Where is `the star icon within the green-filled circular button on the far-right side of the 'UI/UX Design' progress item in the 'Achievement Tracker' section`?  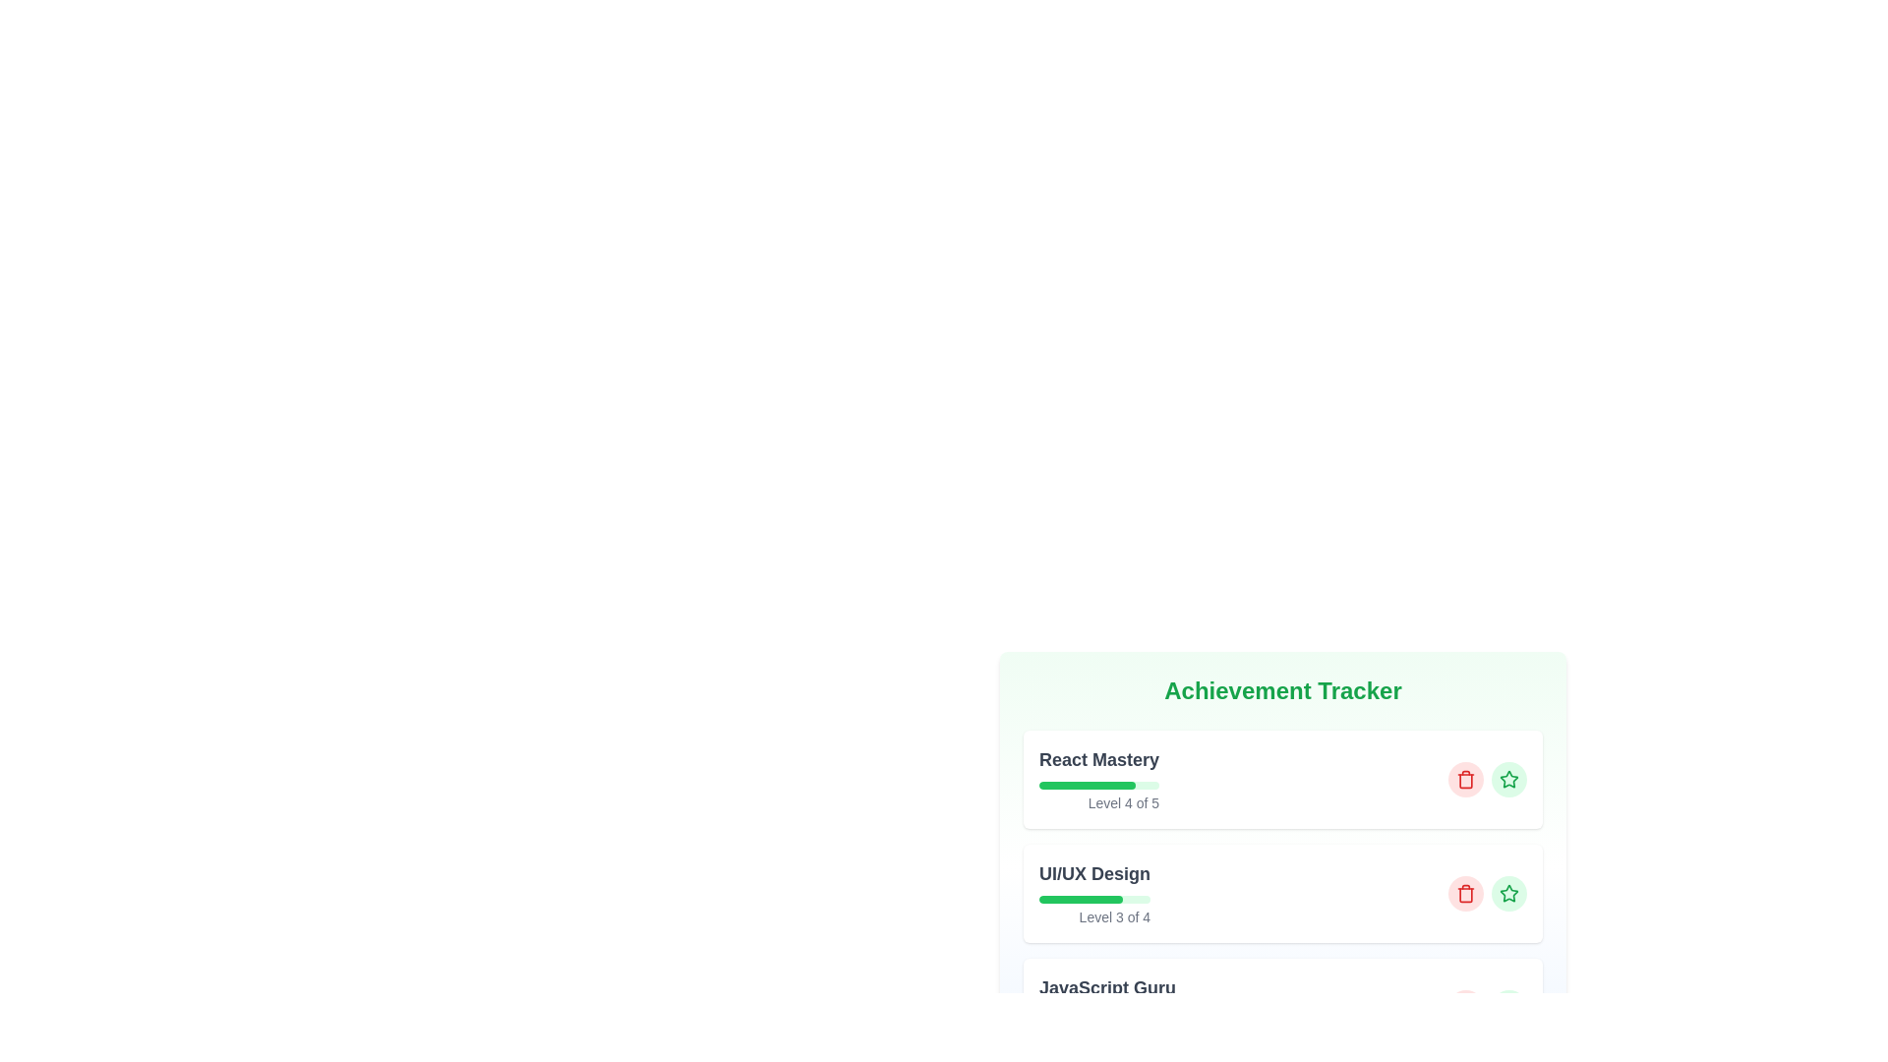
the star icon within the green-filled circular button on the far-right side of the 'UI/UX Design' progress item in the 'Achievement Tracker' section is located at coordinates (1508, 779).